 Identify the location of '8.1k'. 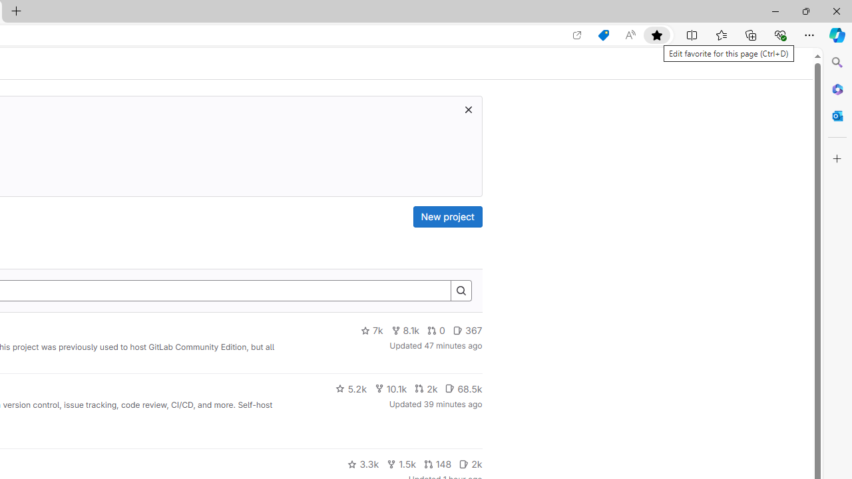
(405, 330).